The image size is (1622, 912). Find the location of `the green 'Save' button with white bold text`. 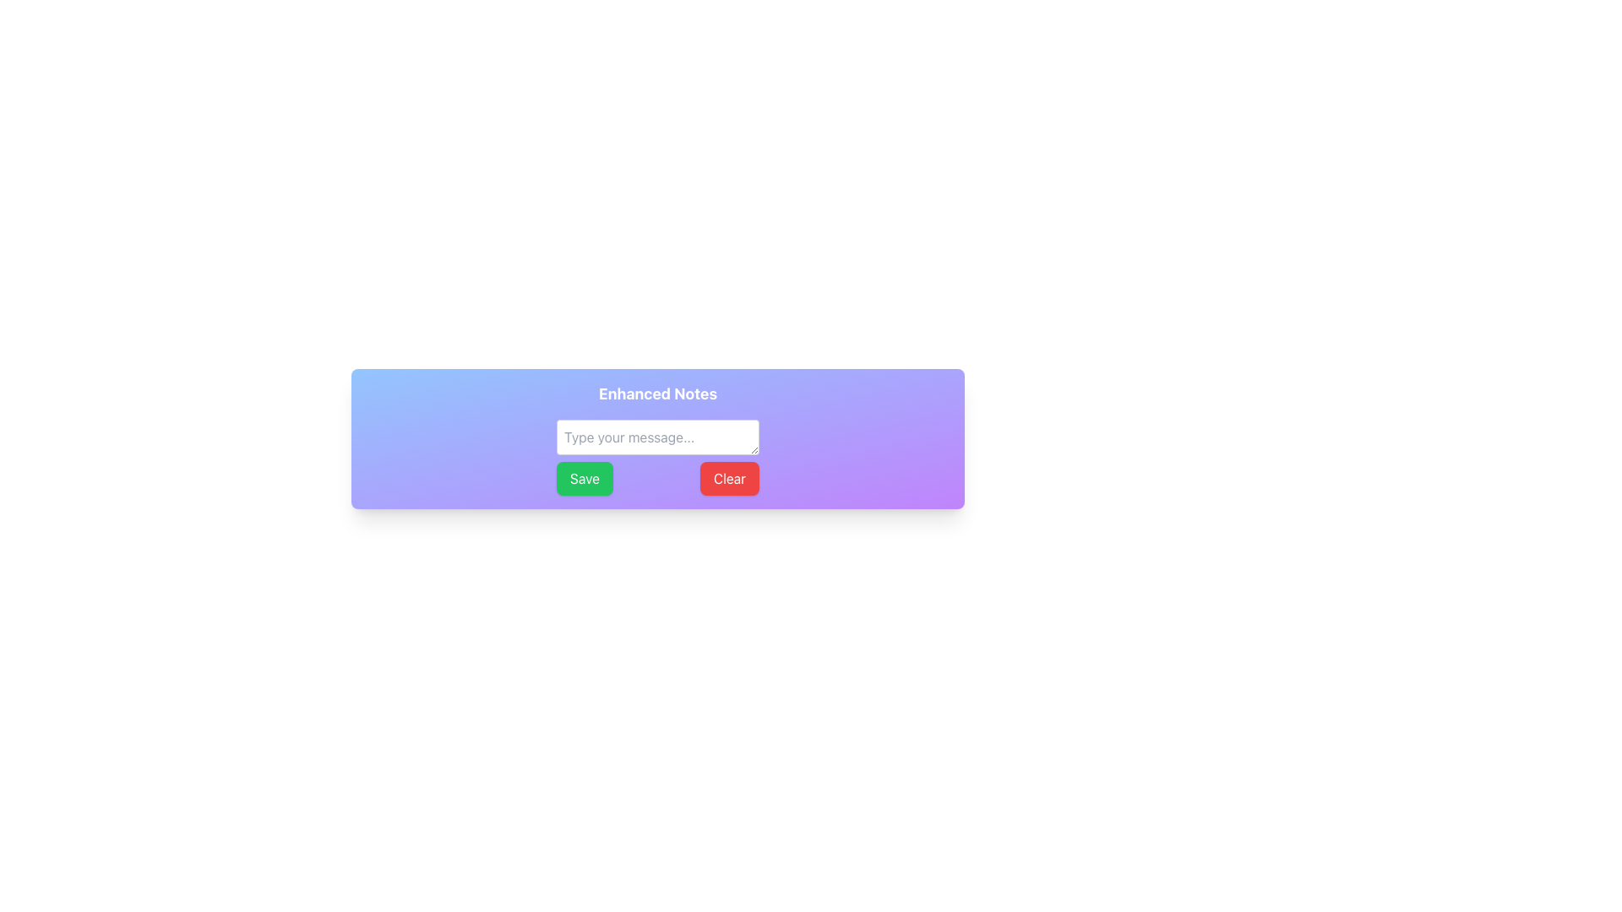

the green 'Save' button with white bold text is located at coordinates (585, 479).